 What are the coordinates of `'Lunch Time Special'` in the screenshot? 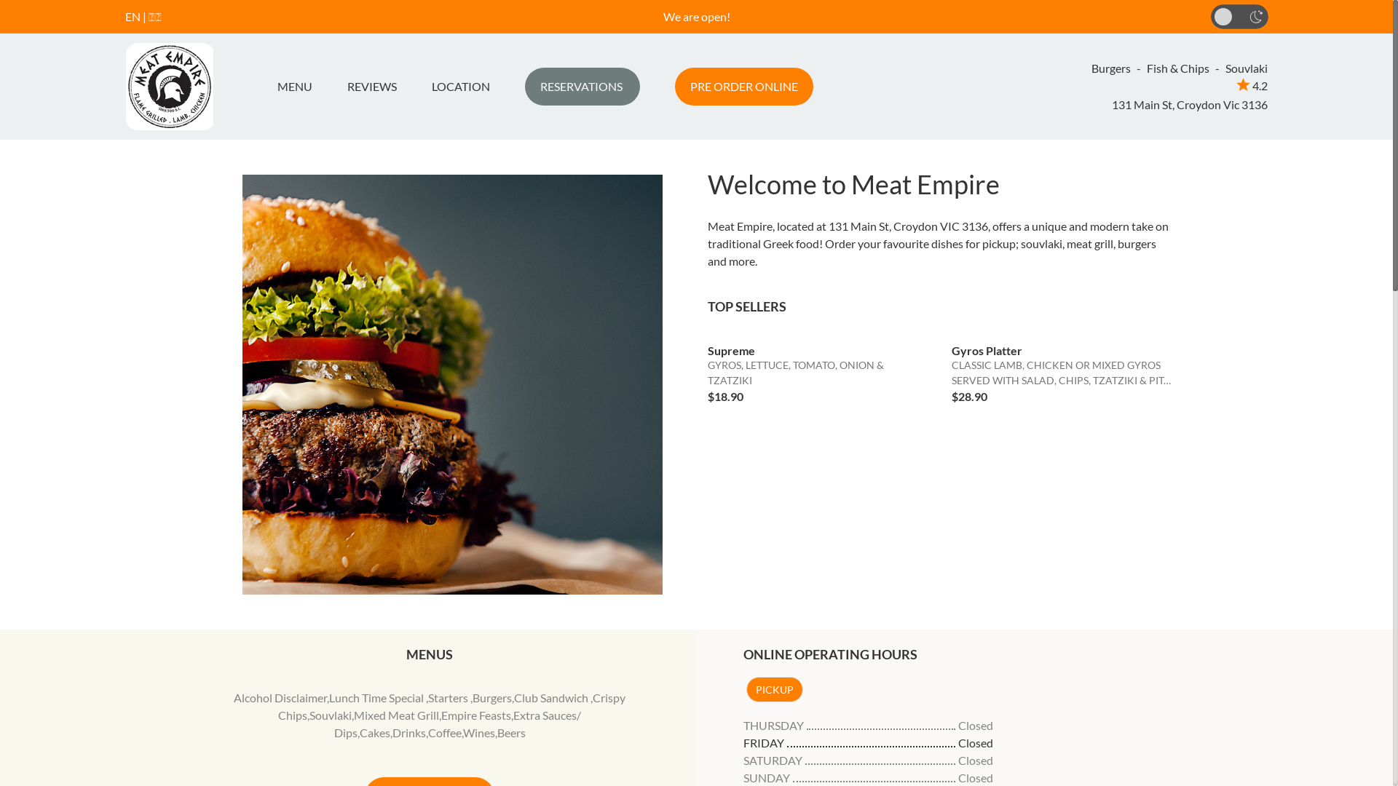 It's located at (328, 696).